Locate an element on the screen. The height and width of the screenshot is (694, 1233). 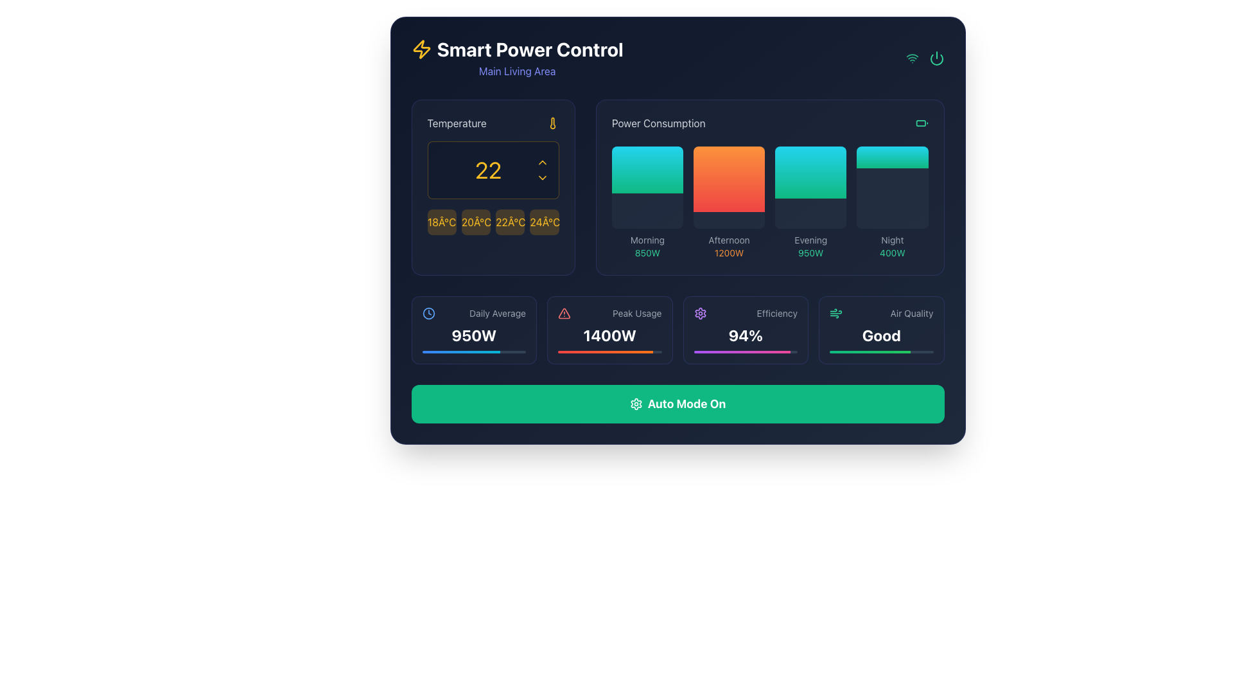
the text label displaying 'Morning', which is a small, gray-colored font located beneath the graphical card in the 'Power Consumption' section is located at coordinates (647, 240).